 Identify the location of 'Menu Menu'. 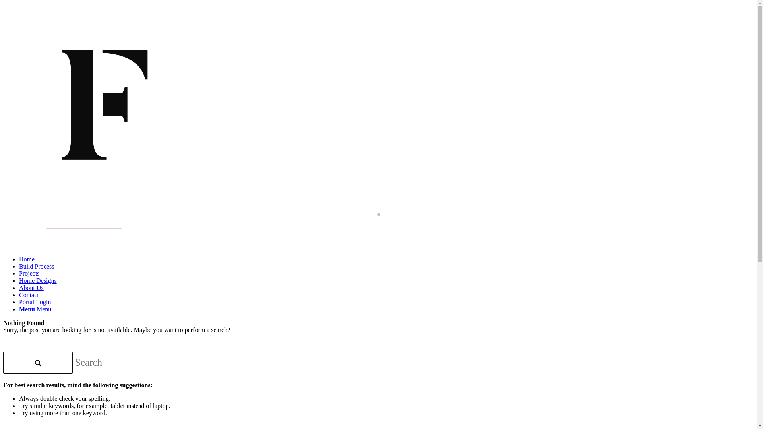
(35, 309).